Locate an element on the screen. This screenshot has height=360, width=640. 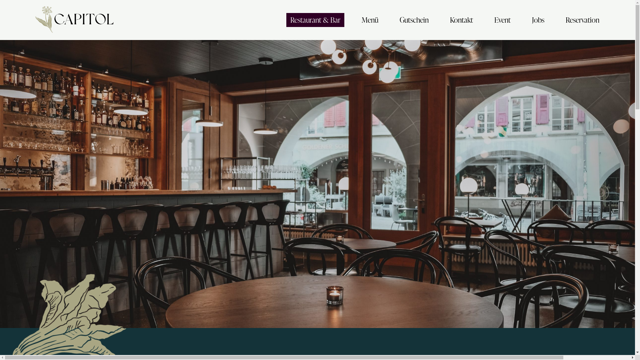
'Gutschein' is located at coordinates (414, 20).